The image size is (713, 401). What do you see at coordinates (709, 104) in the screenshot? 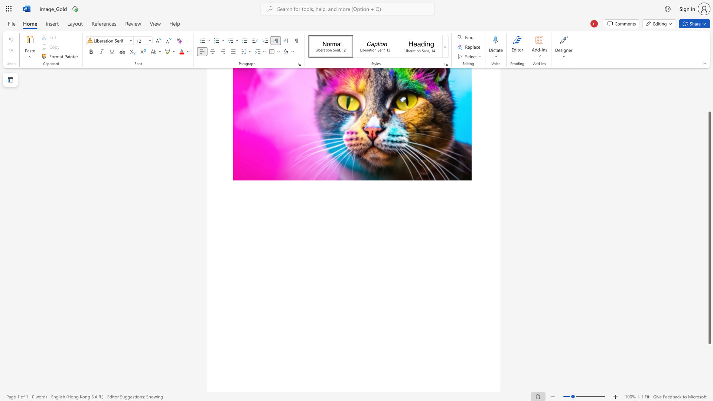
I see `the scrollbar on the right to shift the page higher` at bounding box center [709, 104].